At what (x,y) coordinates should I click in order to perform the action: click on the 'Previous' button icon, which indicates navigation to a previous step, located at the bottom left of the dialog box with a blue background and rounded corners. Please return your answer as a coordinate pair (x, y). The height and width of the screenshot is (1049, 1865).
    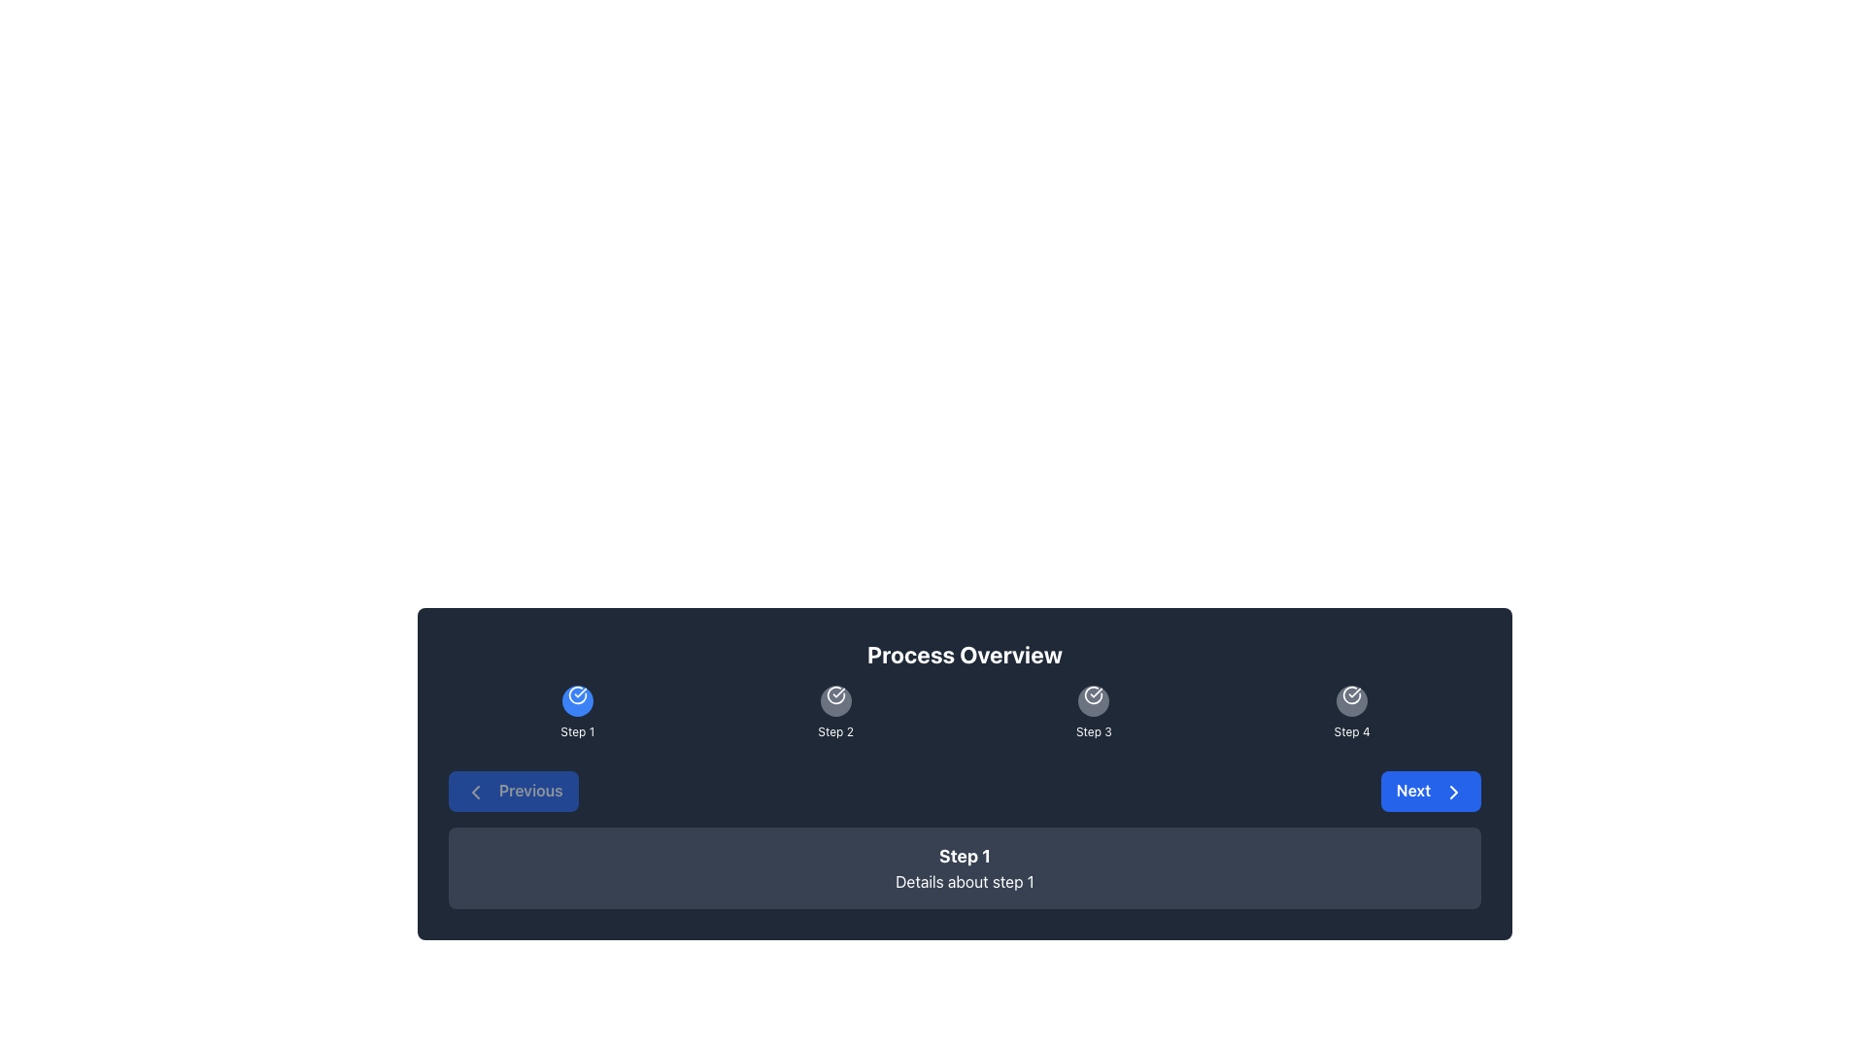
    Looking at the image, I should click on (475, 791).